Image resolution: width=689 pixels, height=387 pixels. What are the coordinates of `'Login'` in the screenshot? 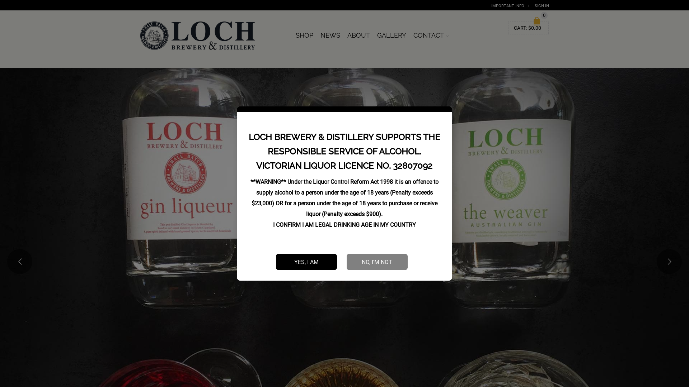 It's located at (534, 104).